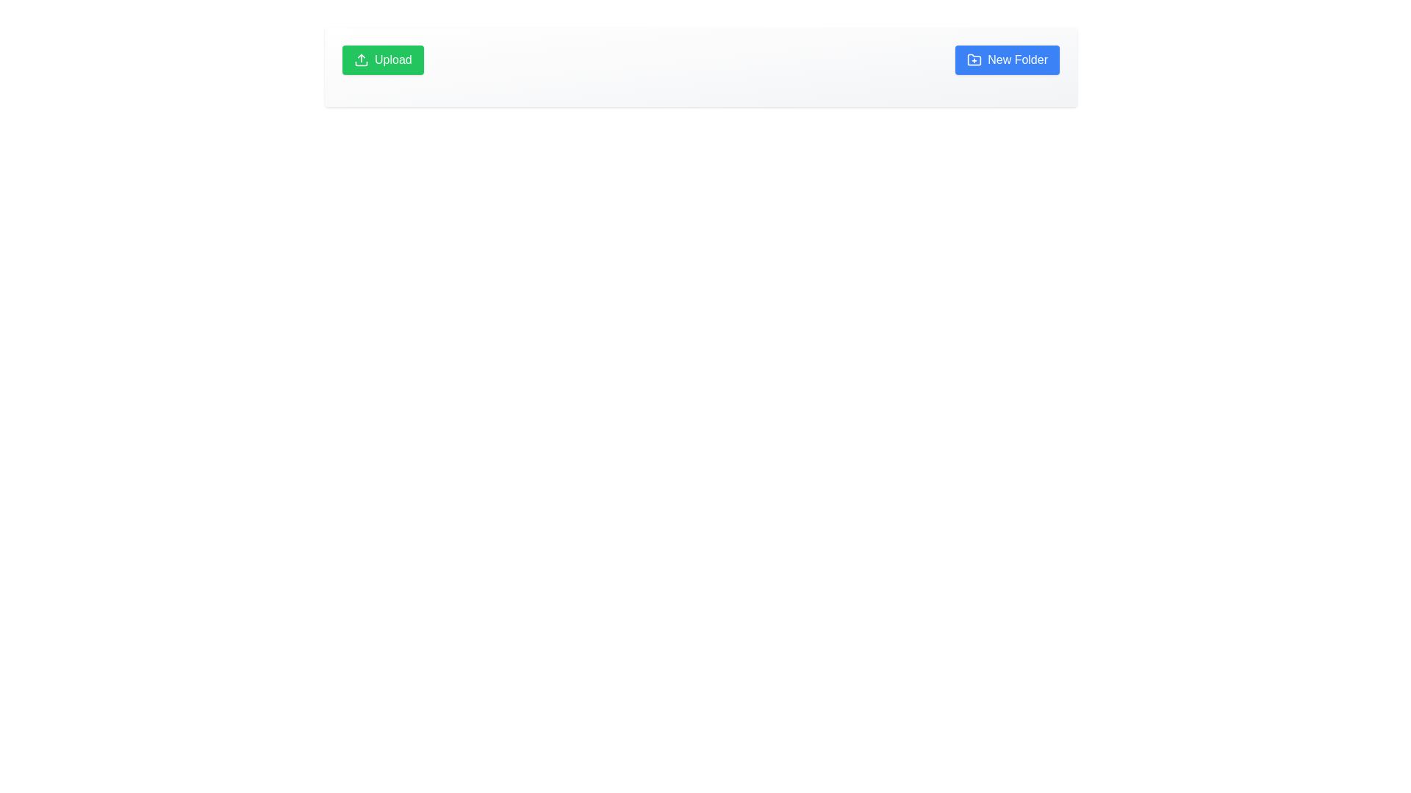 This screenshot has width=1411, height=793. I want to click on the folder icon with a plus sign, so click(974, 59).